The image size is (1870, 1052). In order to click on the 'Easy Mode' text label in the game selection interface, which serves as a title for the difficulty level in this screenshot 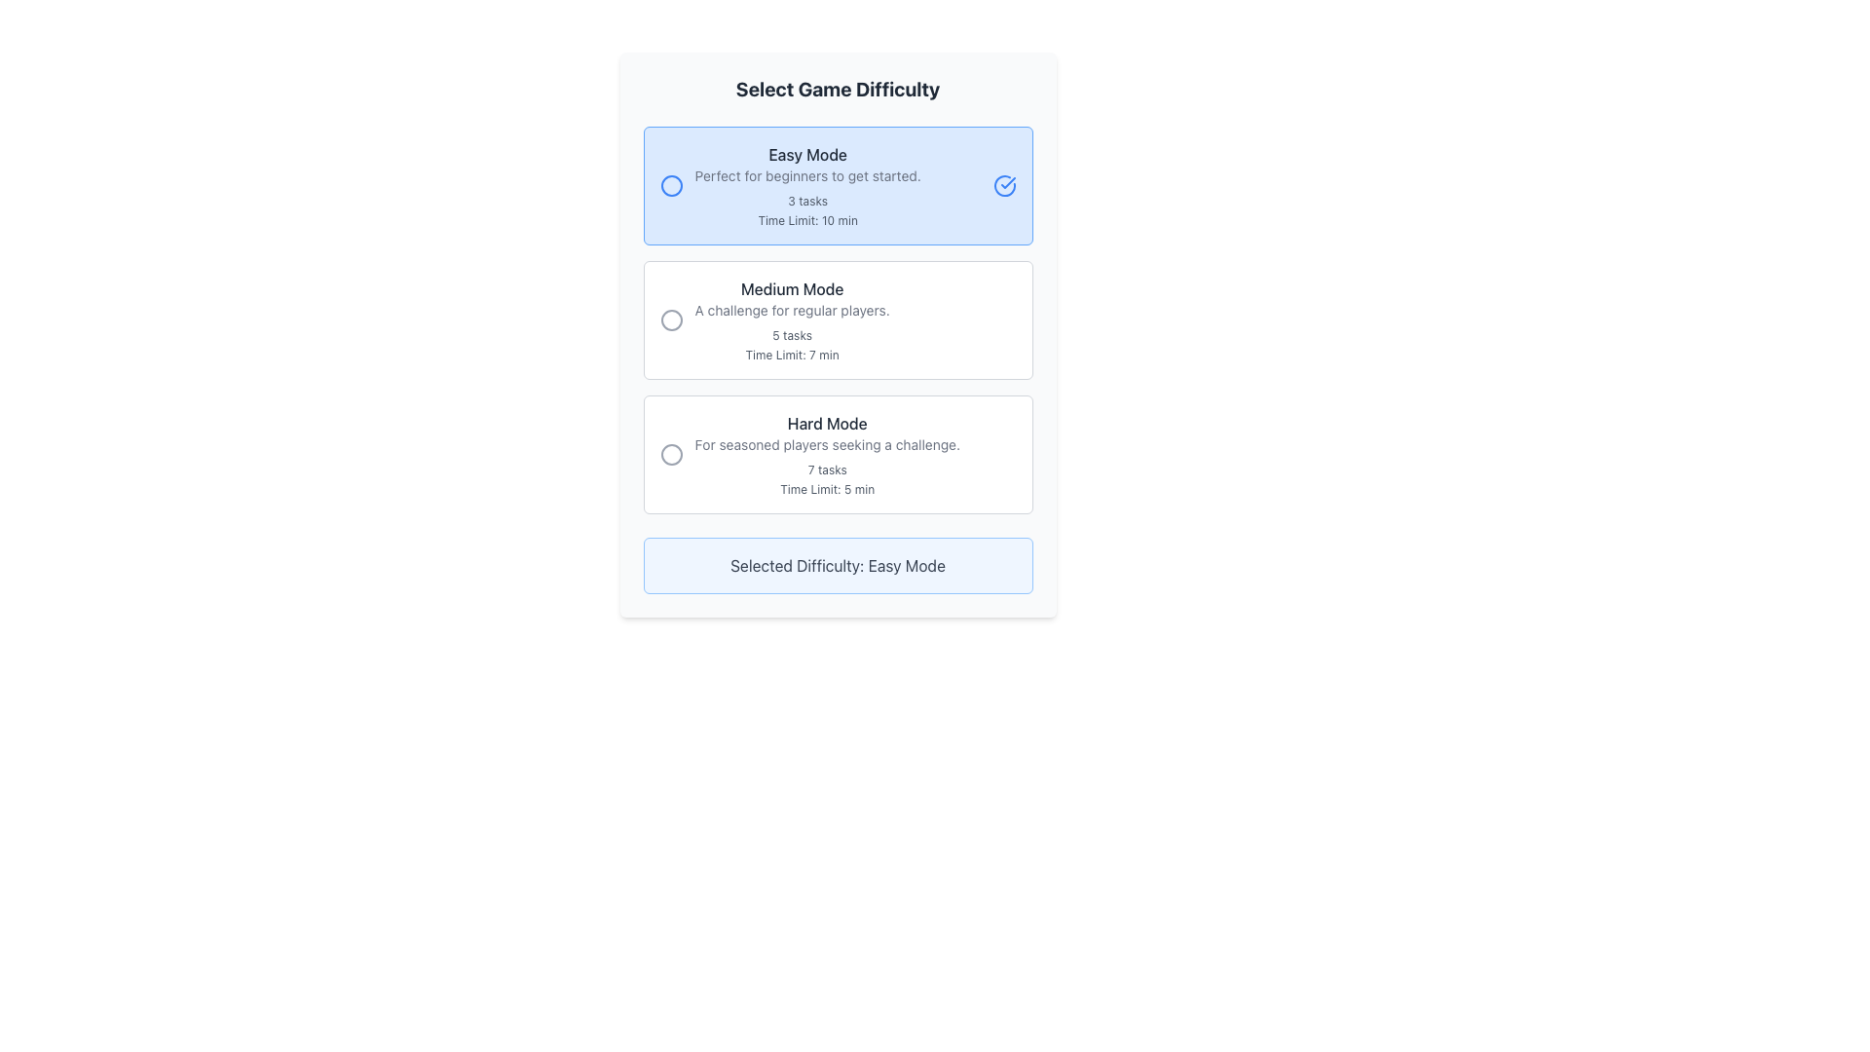, I will do `click(807, 153)`.